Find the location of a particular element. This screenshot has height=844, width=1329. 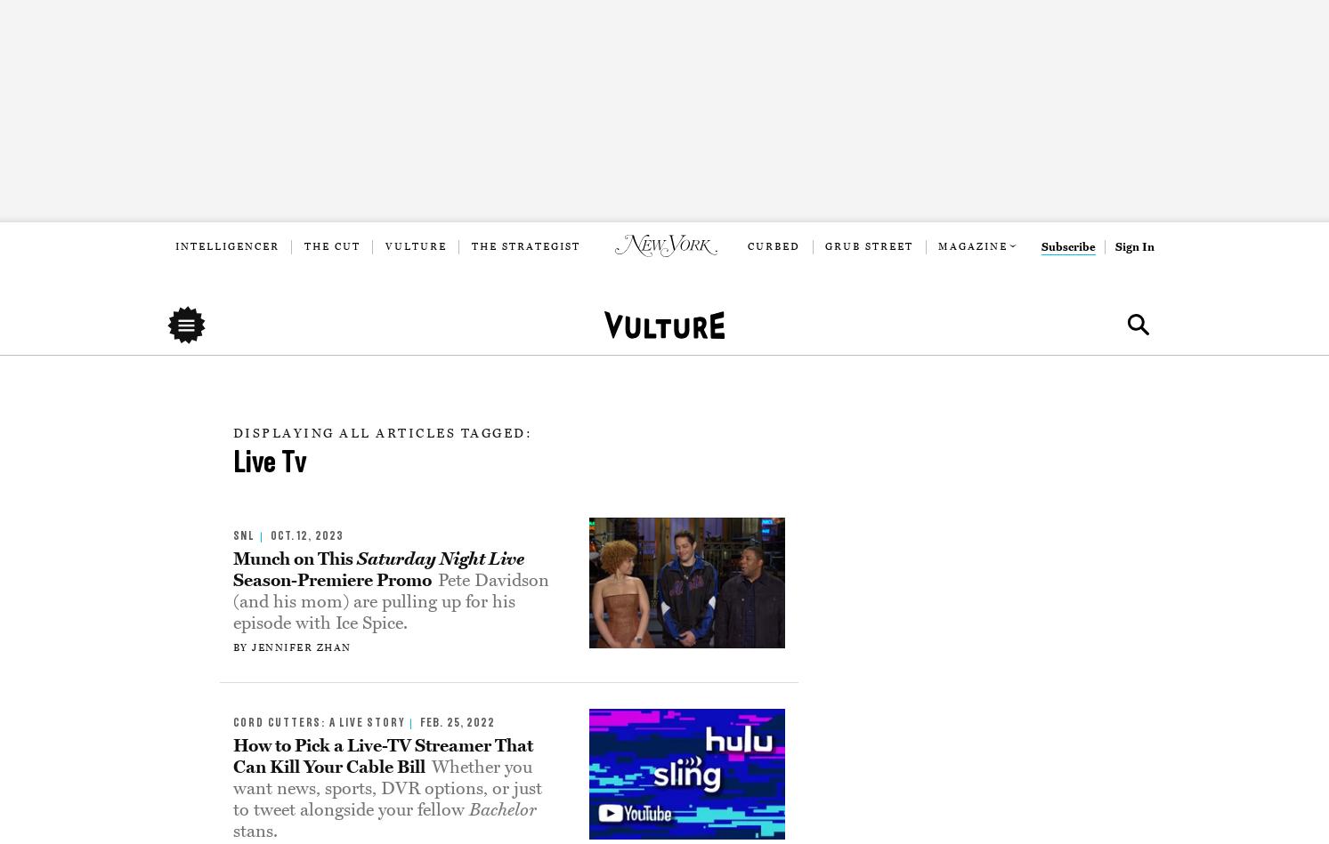

'snl' is located at coordinates (243, 535).